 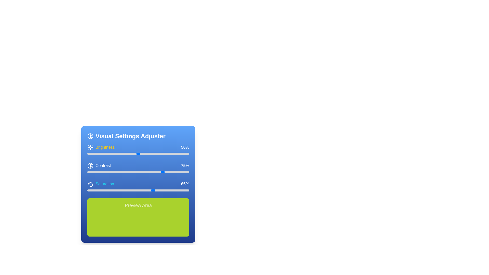 What do you see at coordinates (138, 217) in the screenshot?
I see `the preview display area located at the bottom of the 'Visual Settings Adjuster' section, which is directly below the interactive sliders for 'Saturation,' 'Contrast,' and 'Brightness.'` at bounding box center [138, 217].